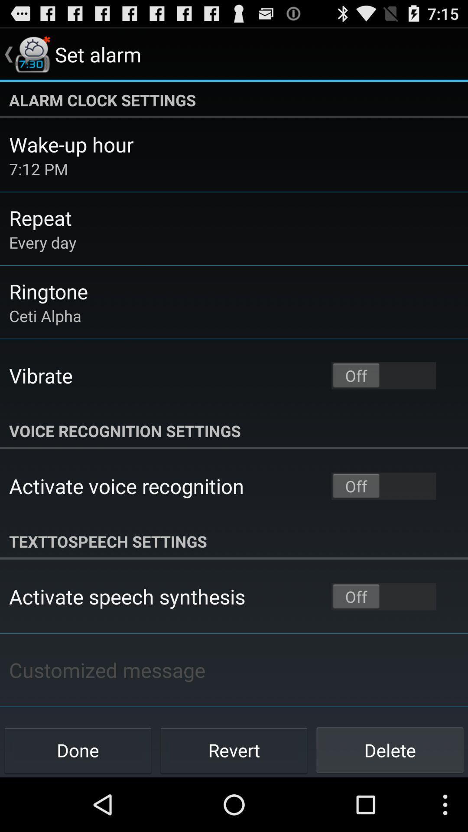  What do you see at coordinates (71, 144) in the screenshot?
I see `item above the 7:12 pm item` at bounding box center [71, 144].